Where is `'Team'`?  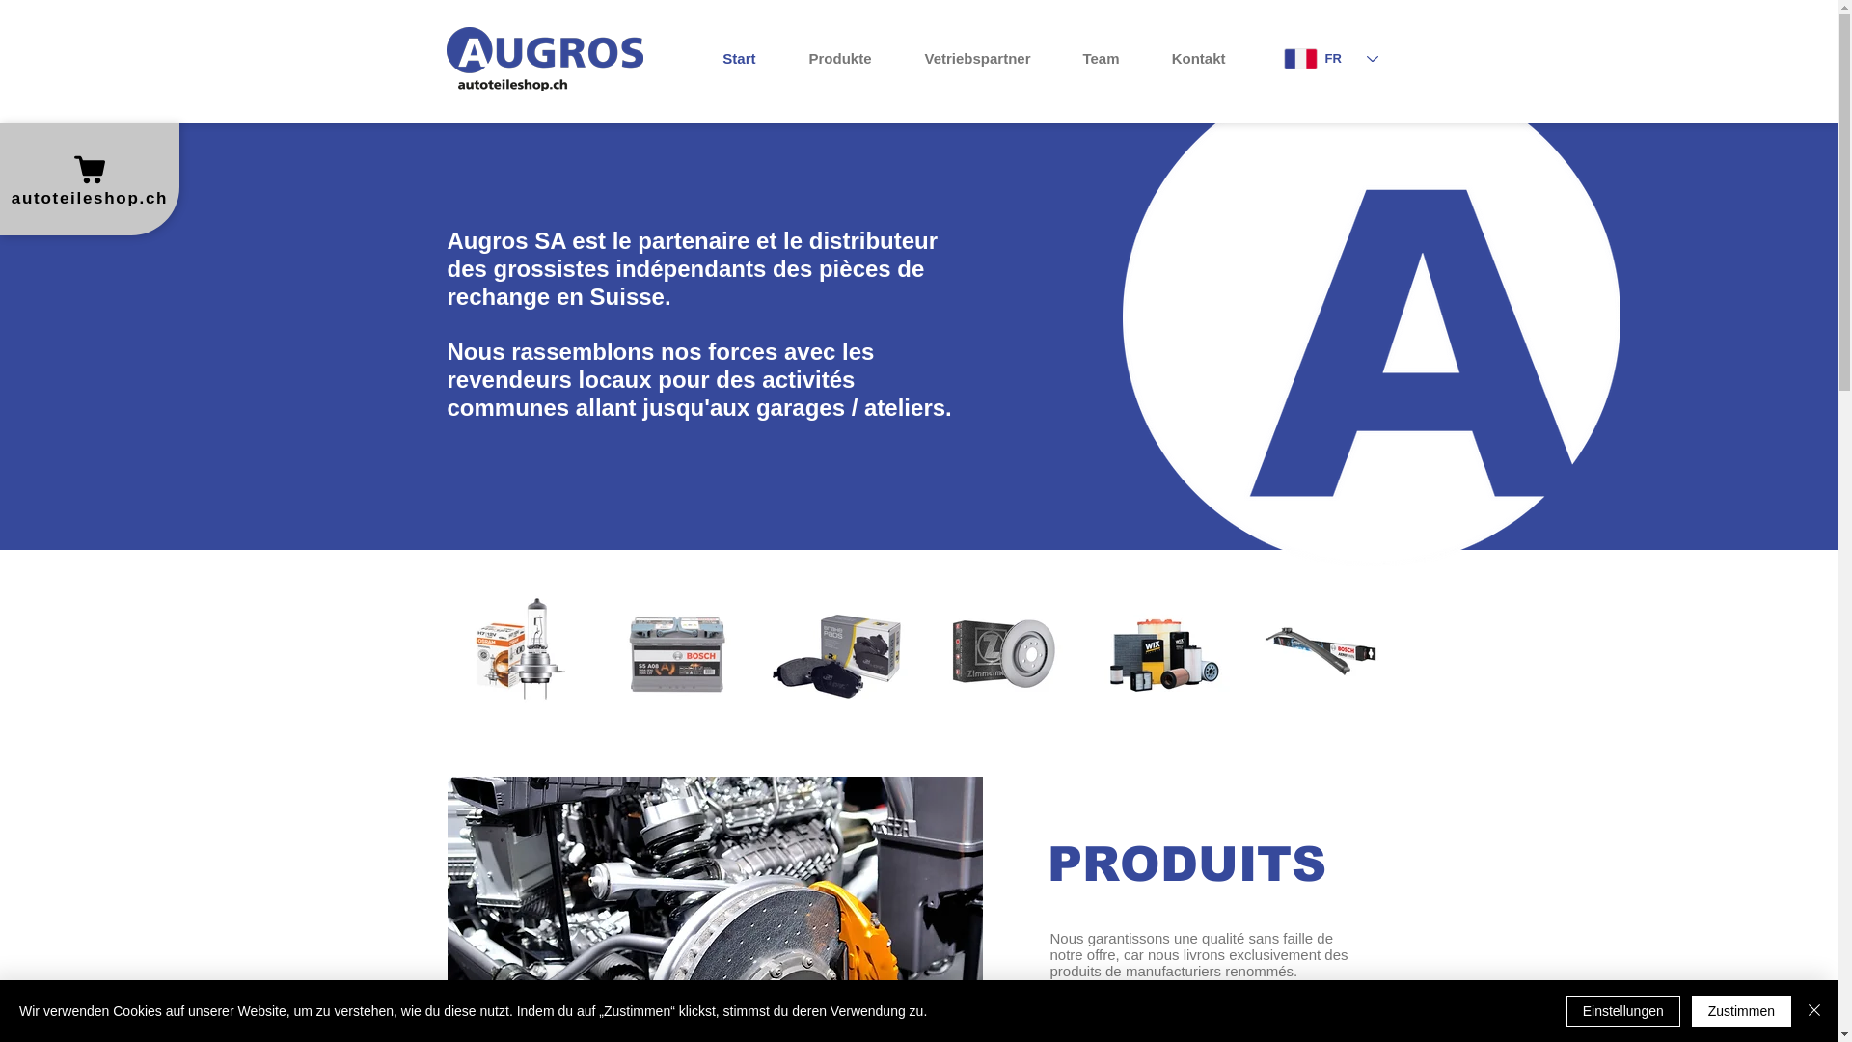 'Team' is located at coordinates (1045, 58).